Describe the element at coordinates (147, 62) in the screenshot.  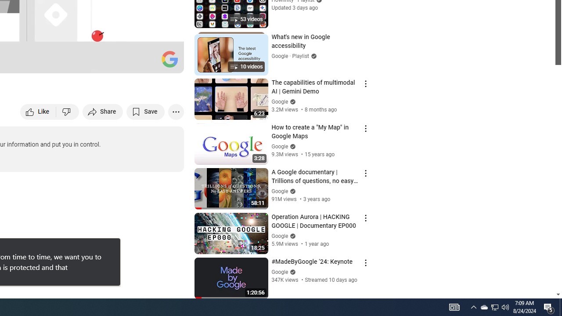
I see `'Theater mode (t)'` at that location.